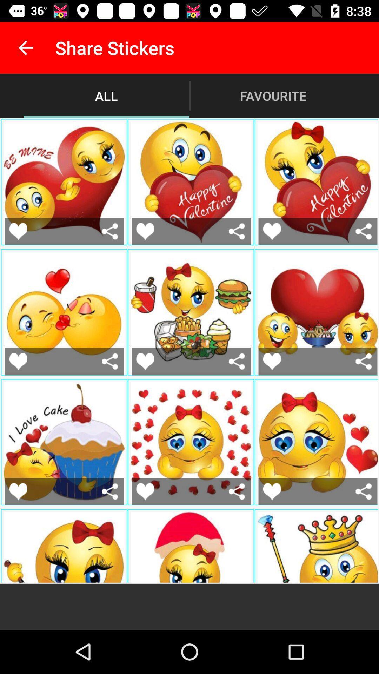  Describe the element at coordinates (145, 491) in the screenshot. I see `this sticker` at that location.